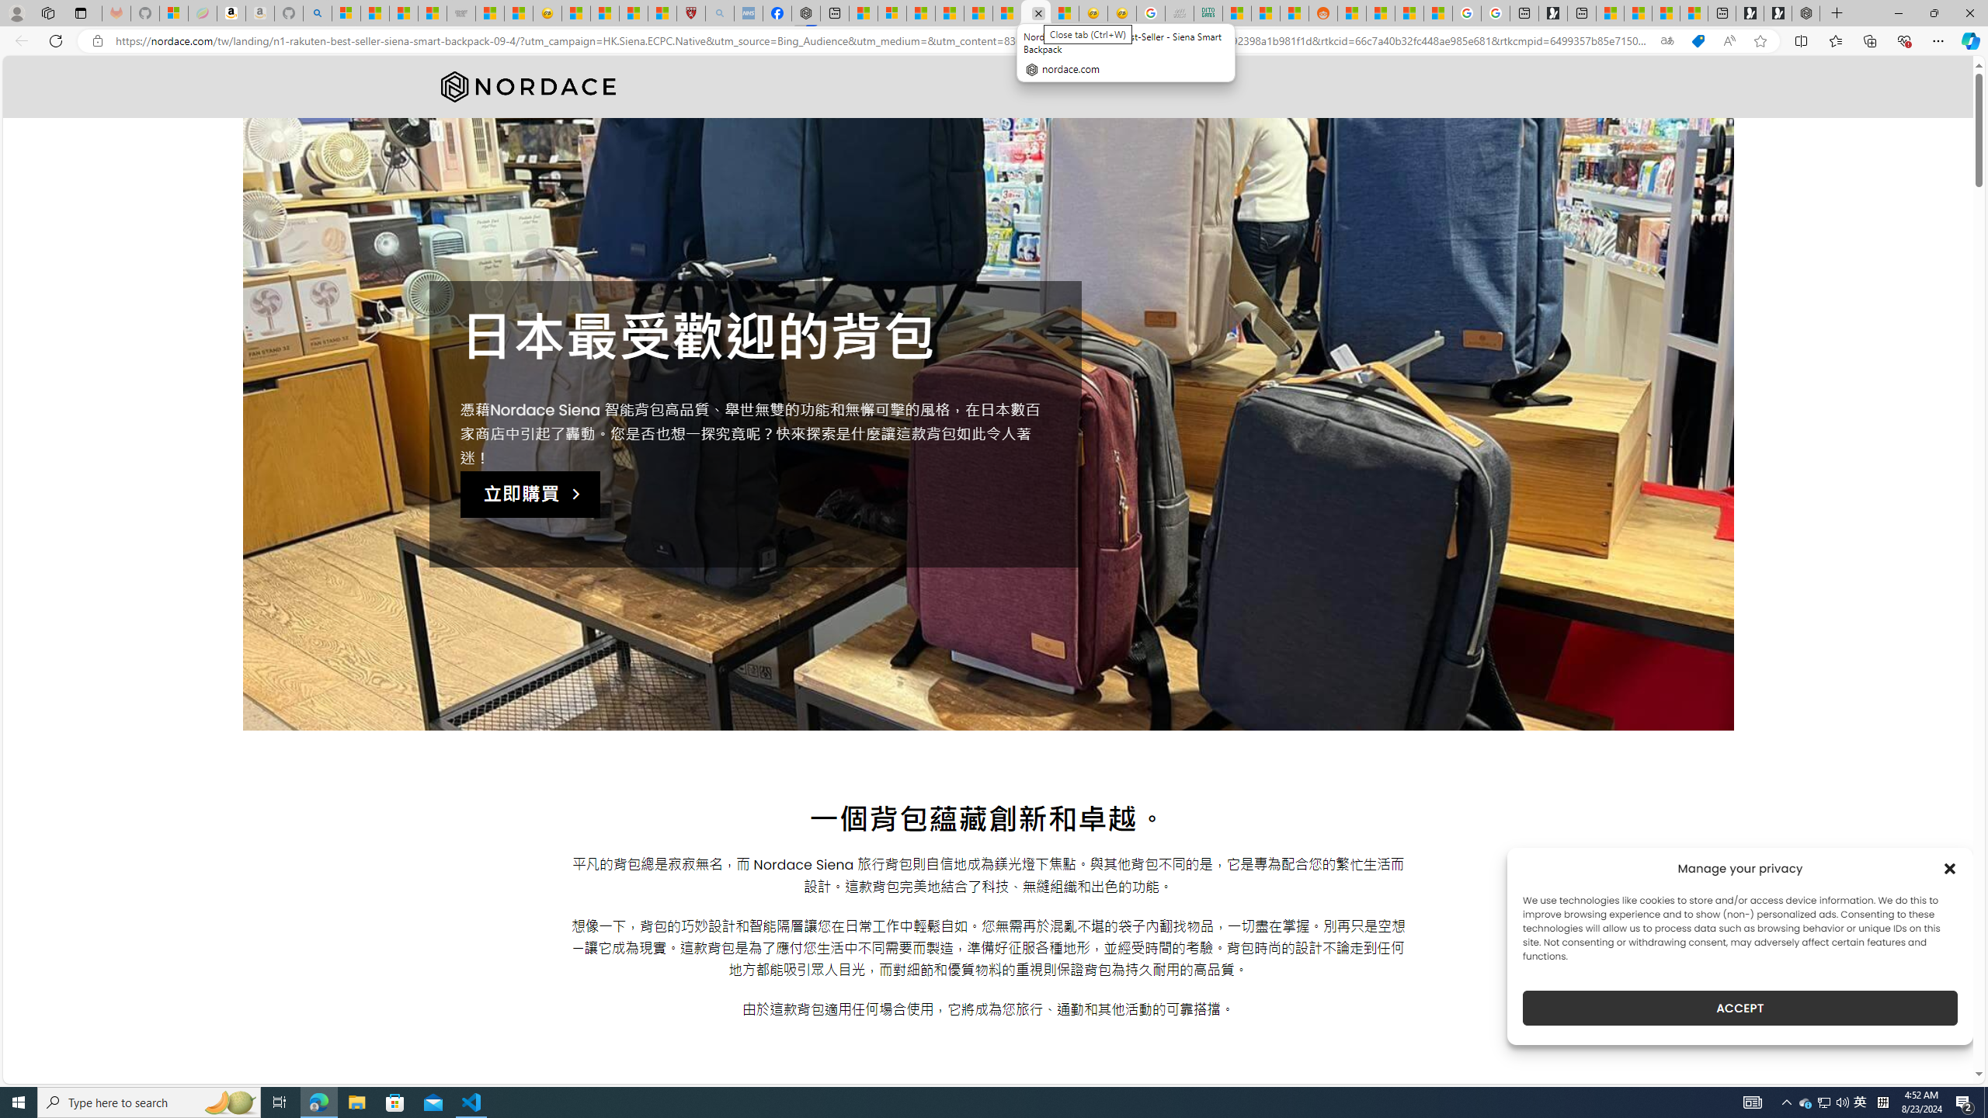 The image size is (1988, 1118). I want to click on 'Read aloud this page (Ctrl+Shift+U)', so click(1729, 41).